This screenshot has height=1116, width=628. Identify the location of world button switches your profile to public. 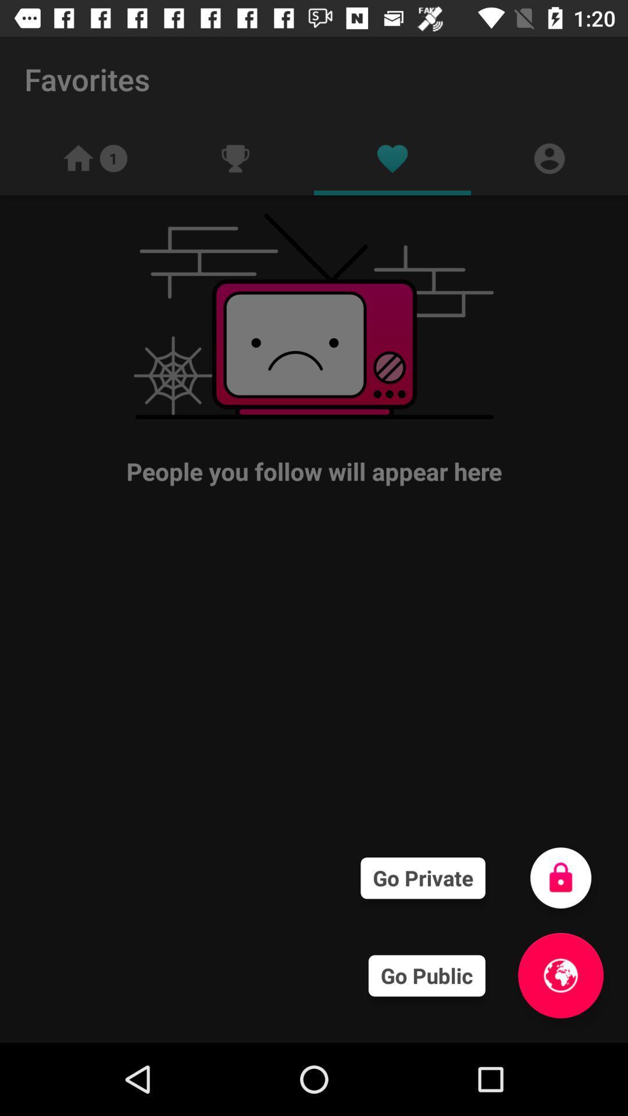
(560, 975).